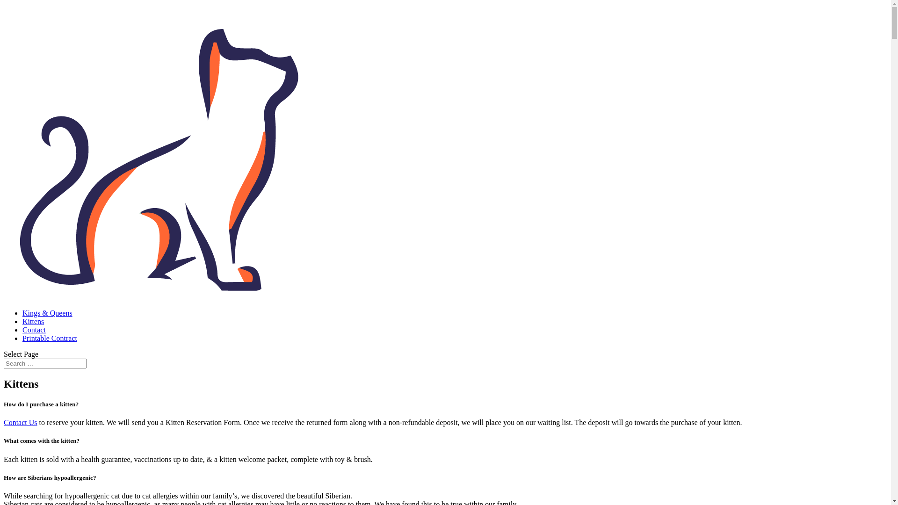 The image size is (898, 505). I want to click on 'Contact', so click(34, 329).